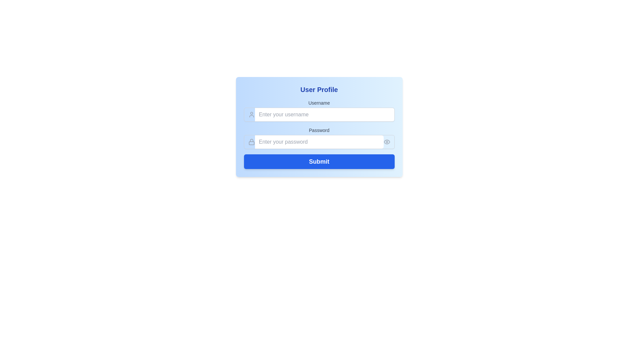 The image size is (640, 360). What do you see at coordinates (389, 141) in the screenshot?
I see `the eye icon button located at the far-right end of the password field` at bounding box center [389, 141].